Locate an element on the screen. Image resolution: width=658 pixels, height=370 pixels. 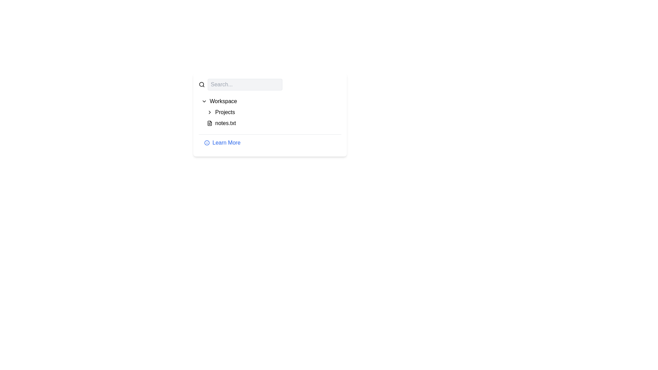
the chevron icon located to the left of the 'Workspace' text is located at coordinates (204, 101).